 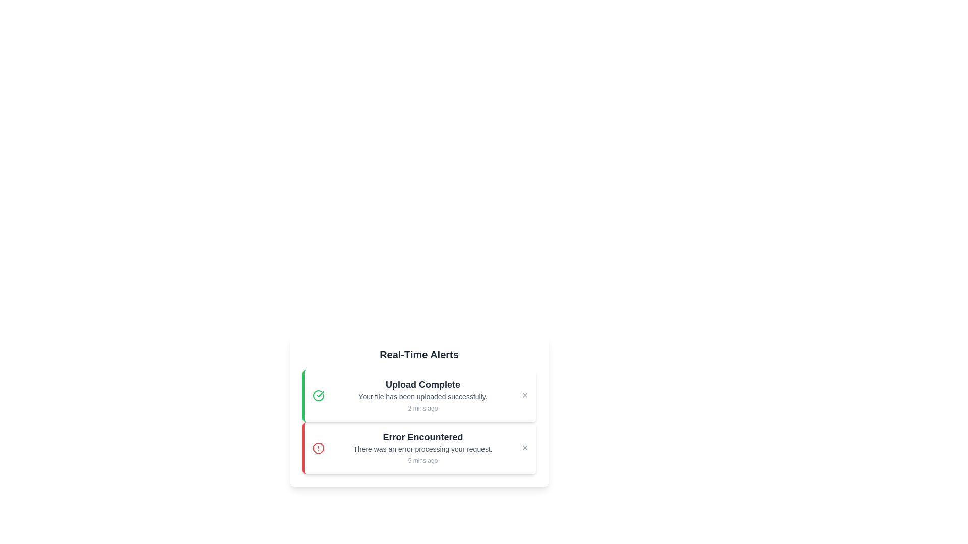 I want to click on the confirmation message text label that indicates the successful completion of the file upload process, located below the title 'Upload Complete', so click(x=423, y=396).